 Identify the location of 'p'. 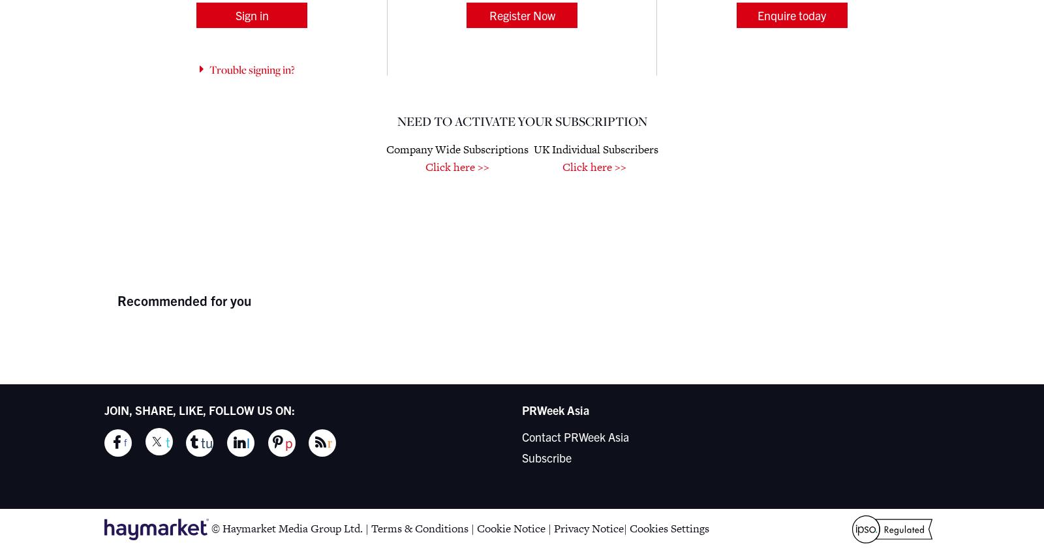
(287, 442).